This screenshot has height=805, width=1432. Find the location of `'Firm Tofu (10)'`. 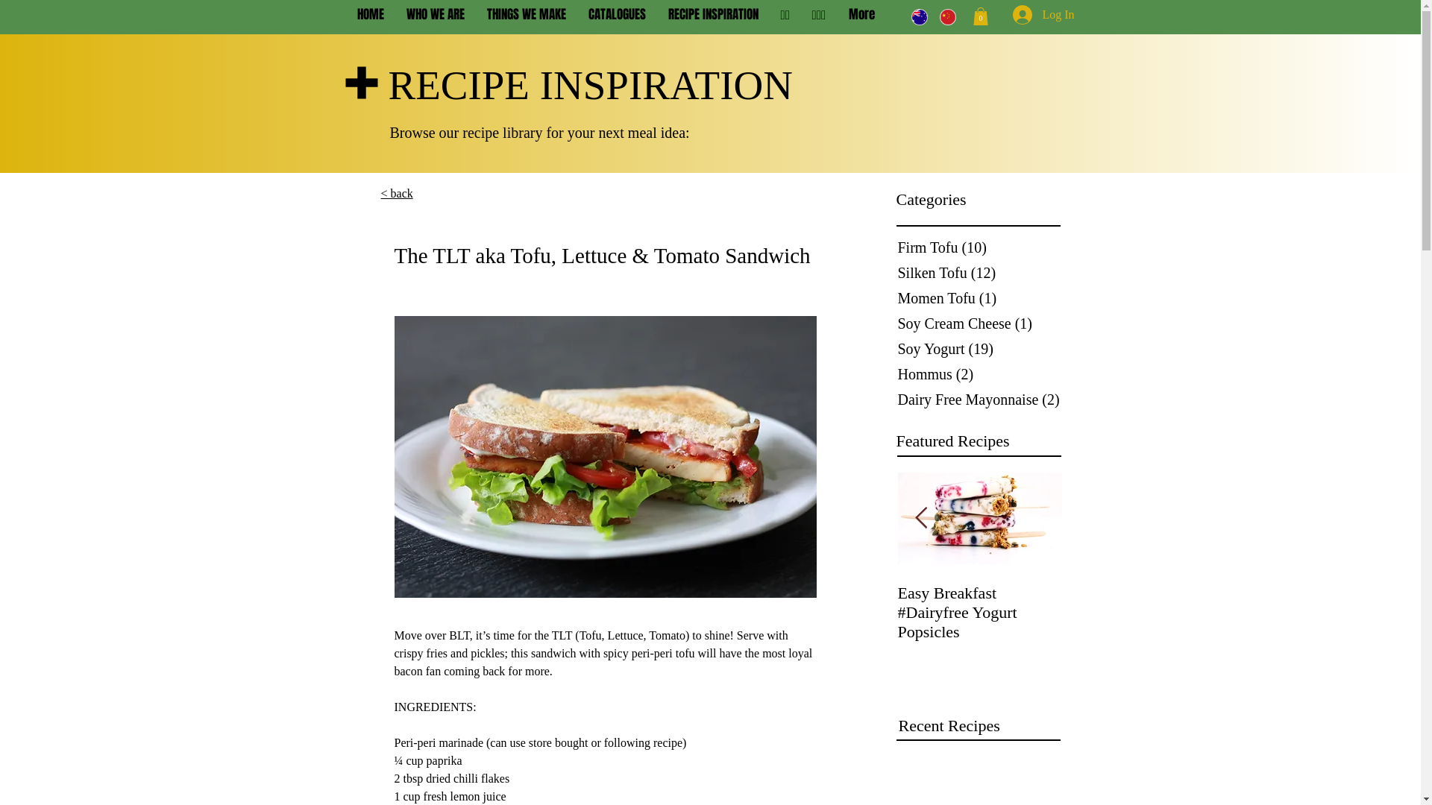

'Firm Tofu (10)' is located at coordinates (895, 246).